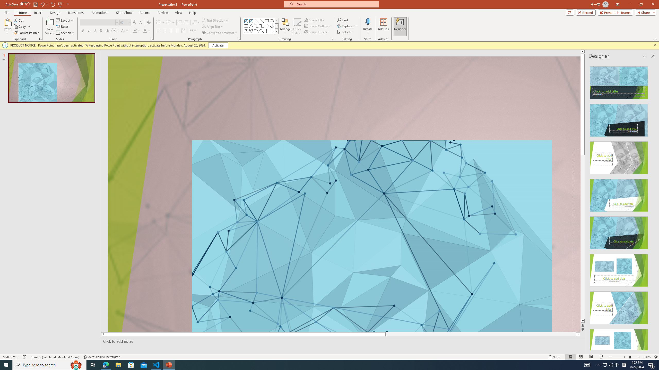 The image size is (659, 370). I want to click on 'Class: NetUIScrollBar', so click(652, 206).